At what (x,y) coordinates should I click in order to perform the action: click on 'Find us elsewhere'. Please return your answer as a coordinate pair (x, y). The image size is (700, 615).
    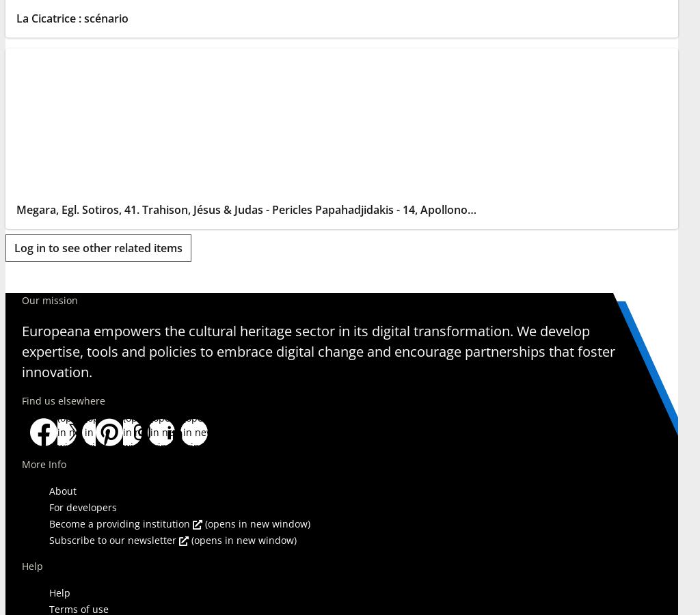
    Looking at the image, I should click on (63, 400).